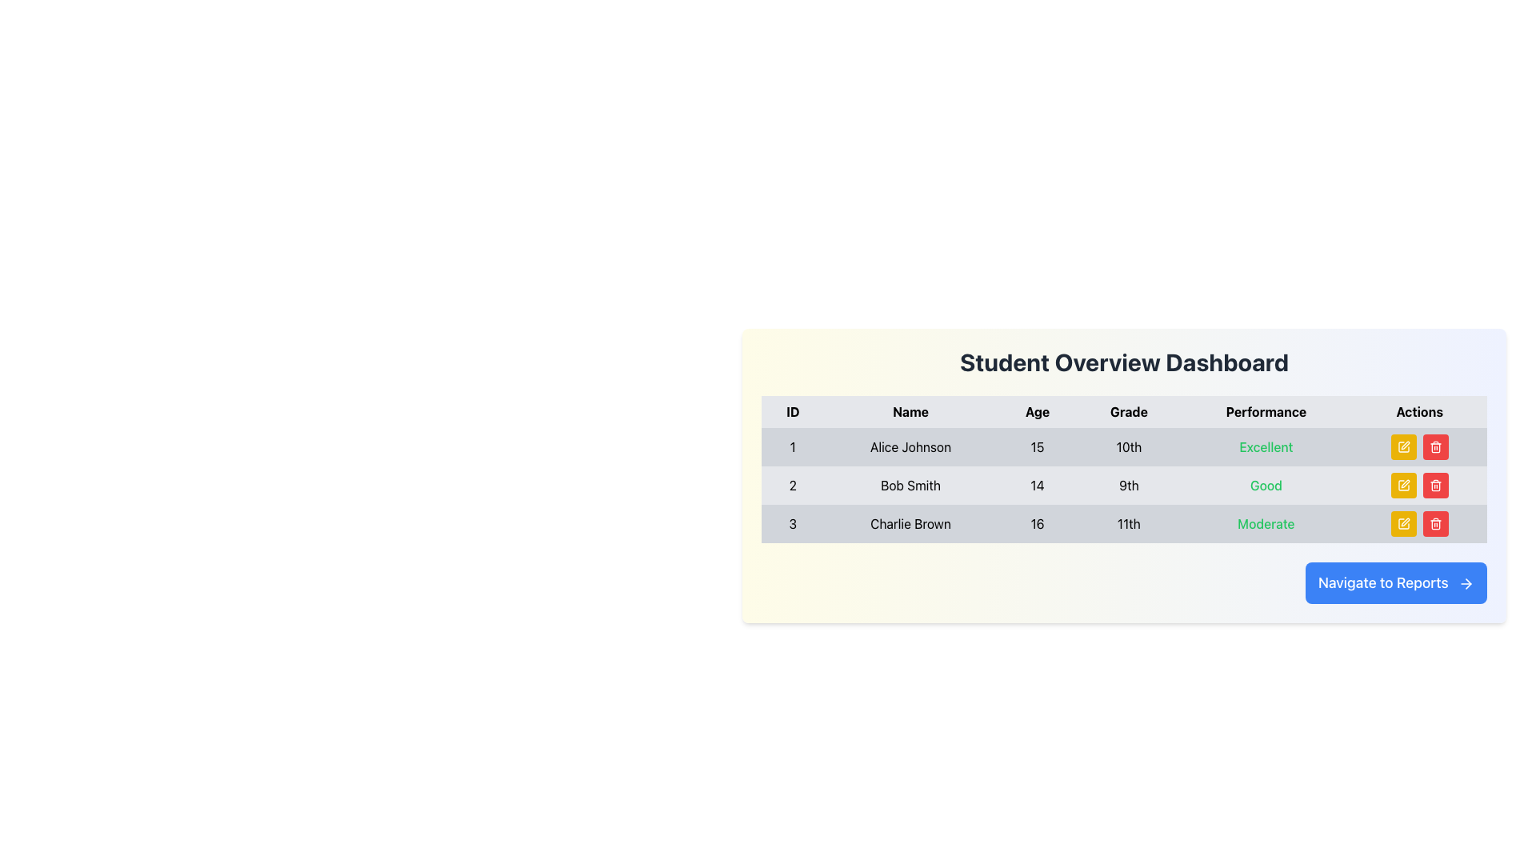  Describe the element at coordinates (1402, 484) in the screenshot. I see `the 'Edit' button located in the 'Actions' column of the second row in the 'Student Overview Dashboard'` at that location.